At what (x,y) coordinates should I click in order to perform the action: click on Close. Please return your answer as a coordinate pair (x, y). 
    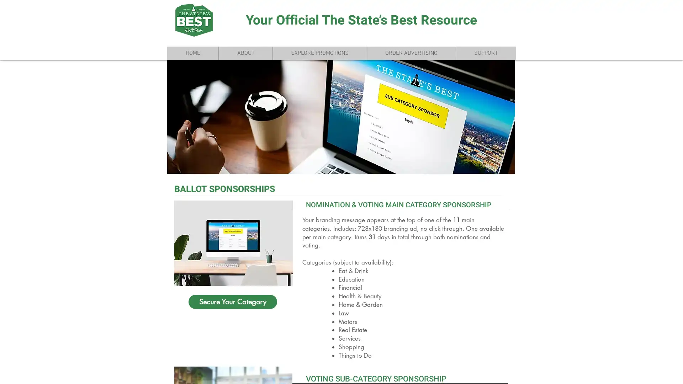
    Looking at the image, I should click on (674, 372).